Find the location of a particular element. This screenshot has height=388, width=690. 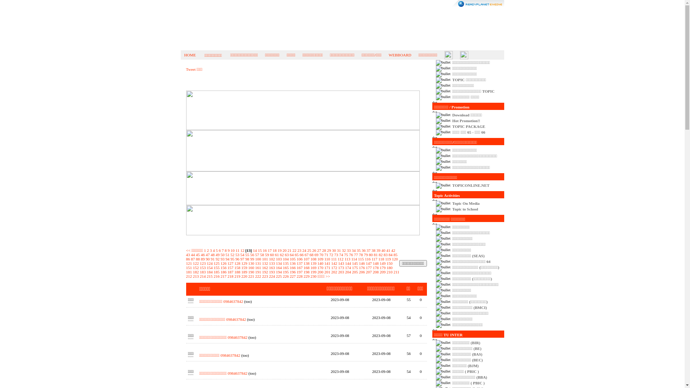

'27' is located at coordinates (317, 250).